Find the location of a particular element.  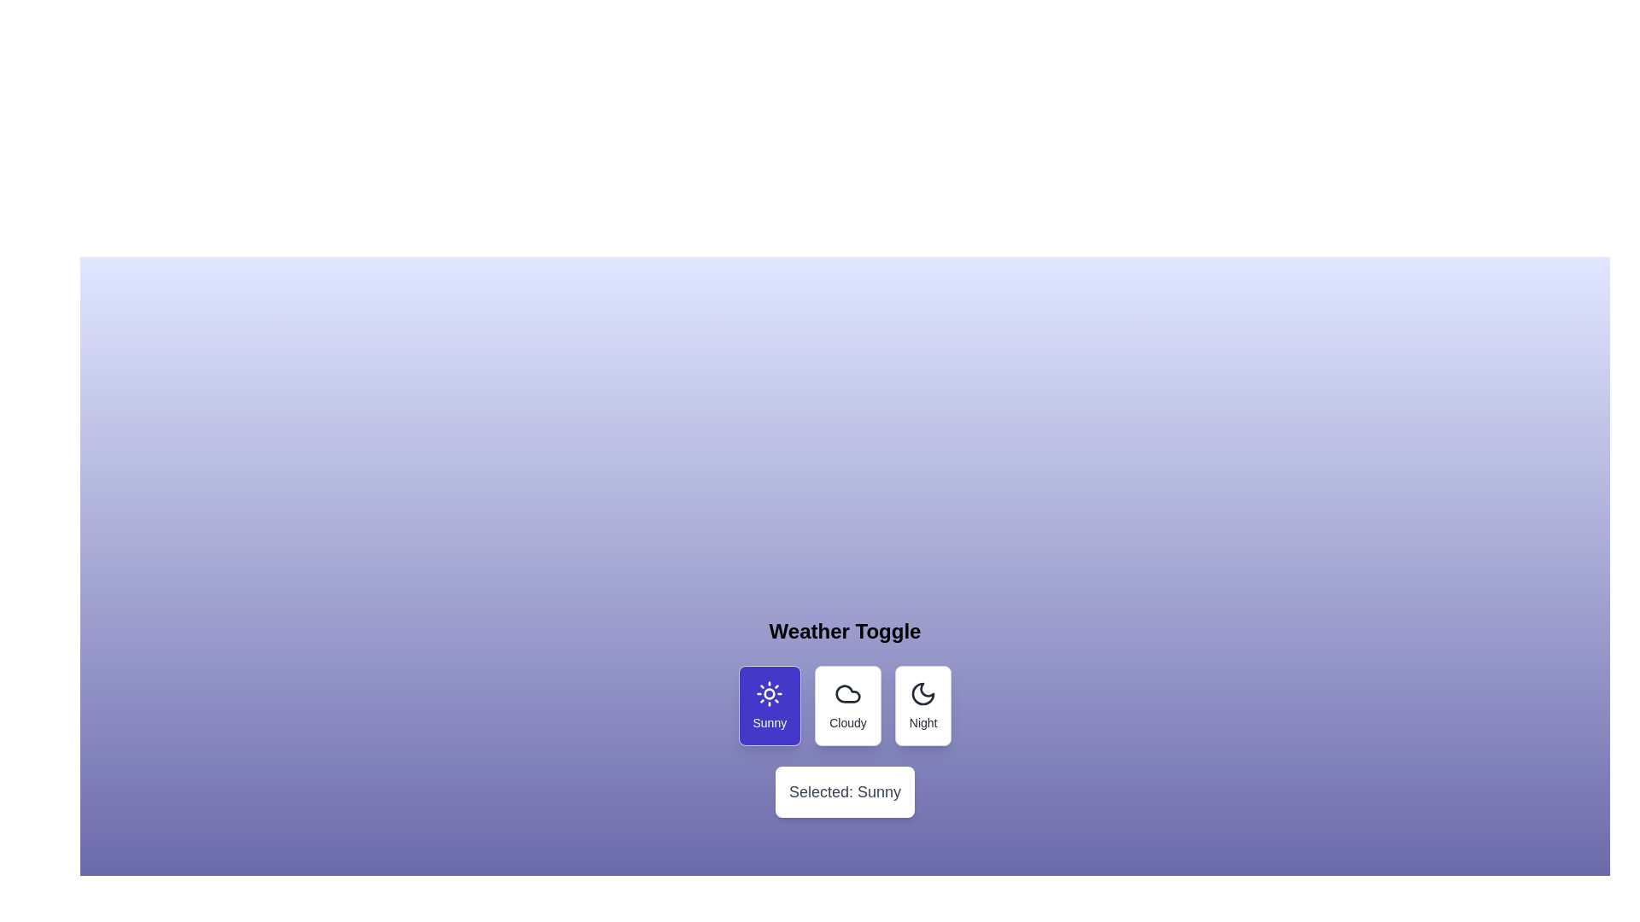

the Cloudy button to observe the visual scaling effect is located at coordinates (848, 705).